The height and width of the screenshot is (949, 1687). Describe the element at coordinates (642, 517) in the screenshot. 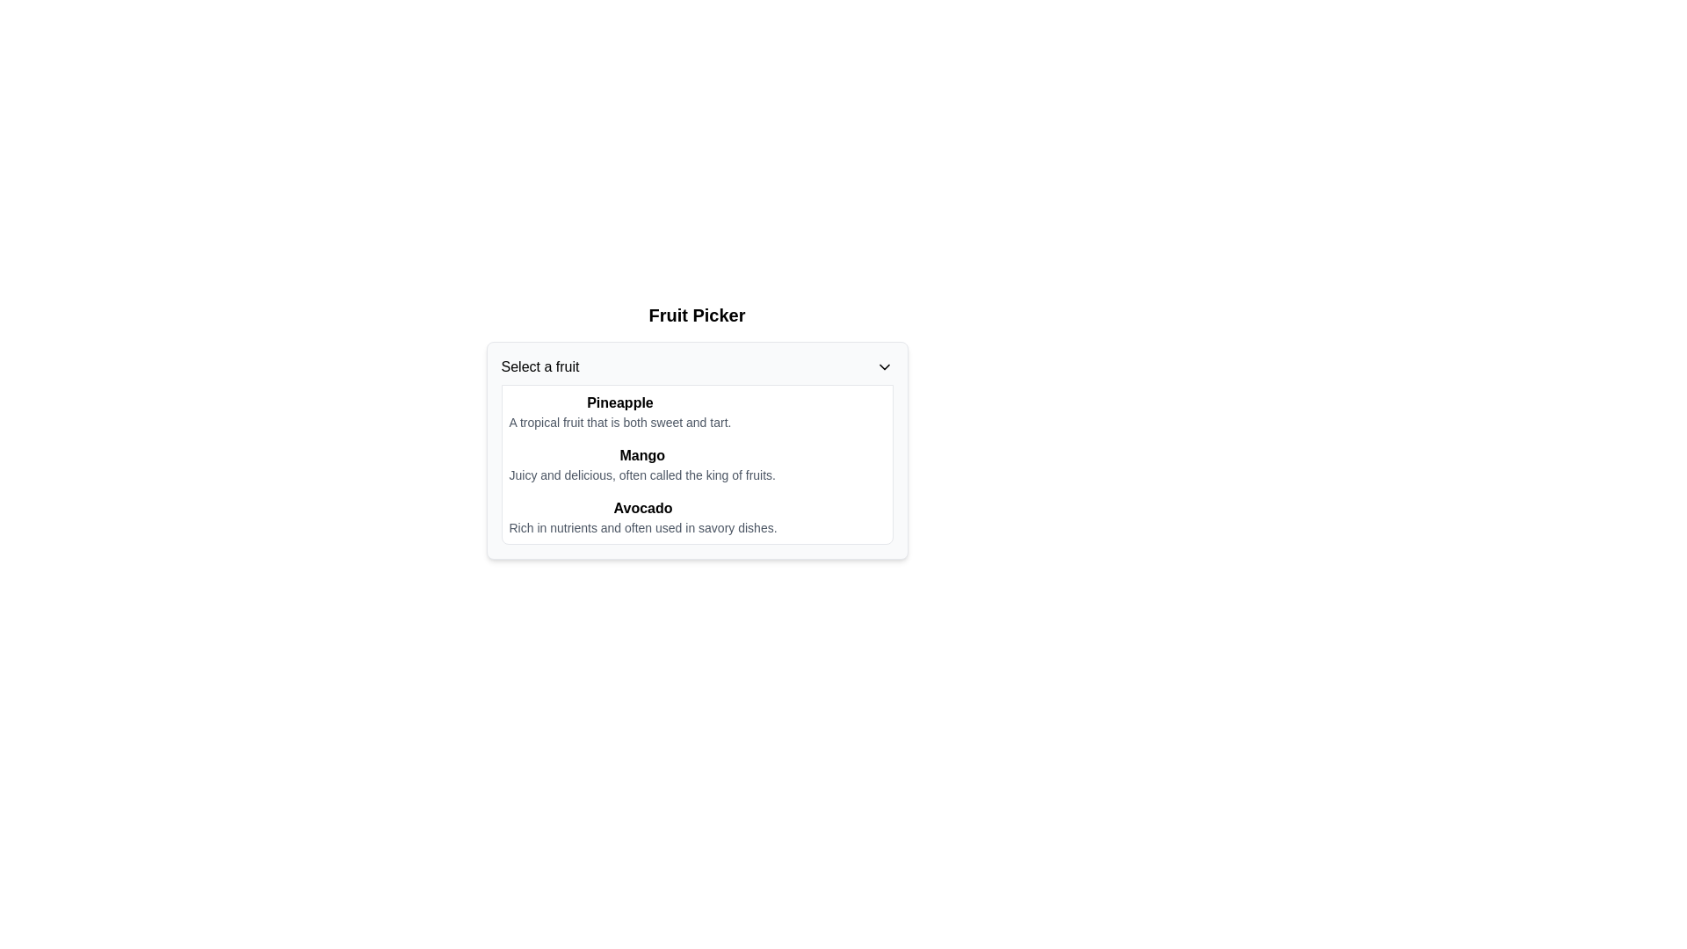

I see `the informational entry for 'Avocado' located in the dropdown menu, which is the third item in a vertically-stacked list of fruit options` at that location.